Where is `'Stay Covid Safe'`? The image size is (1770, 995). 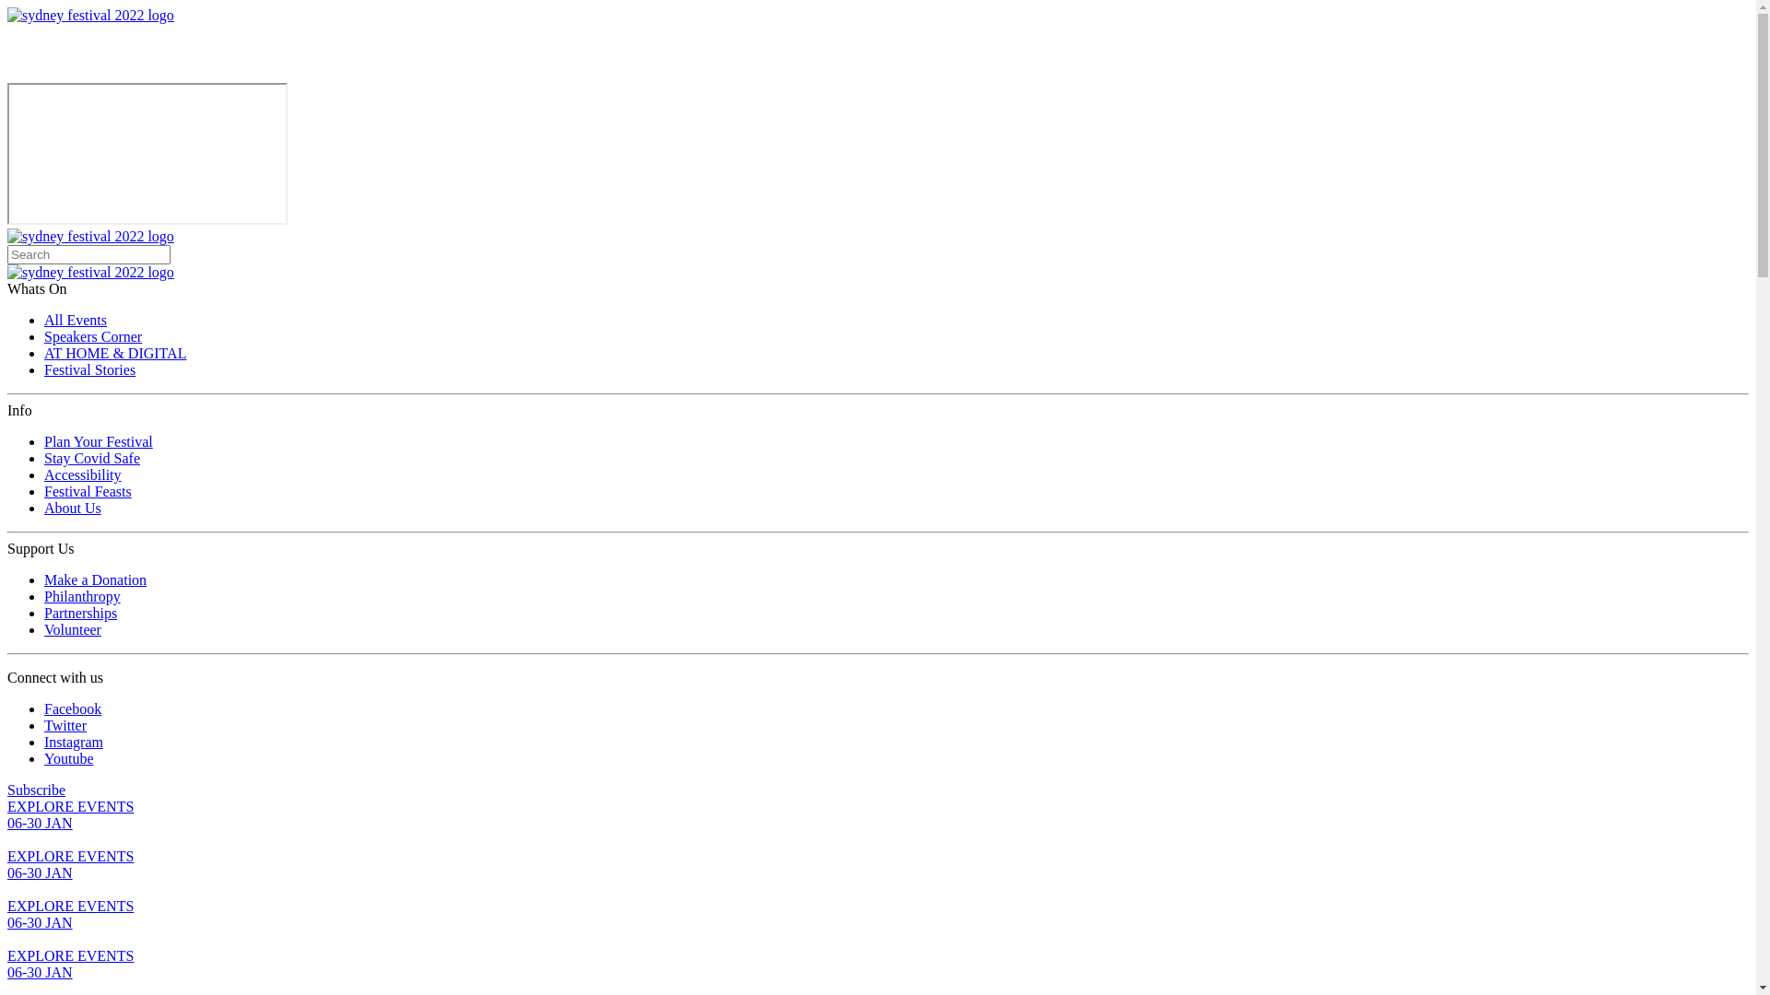 'Stay Covid Safe' is located at coordinates (44, 457).